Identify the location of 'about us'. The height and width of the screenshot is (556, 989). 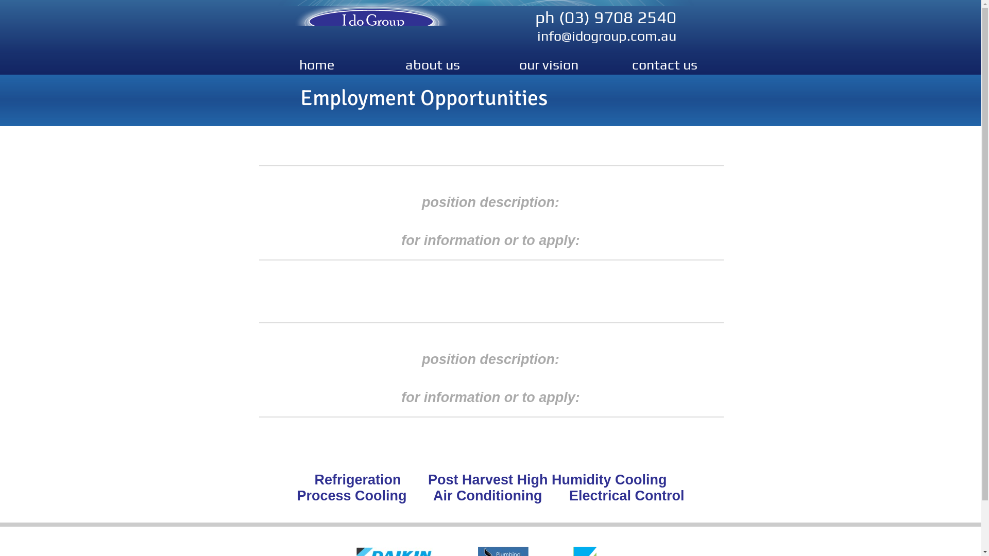
(433, 64).